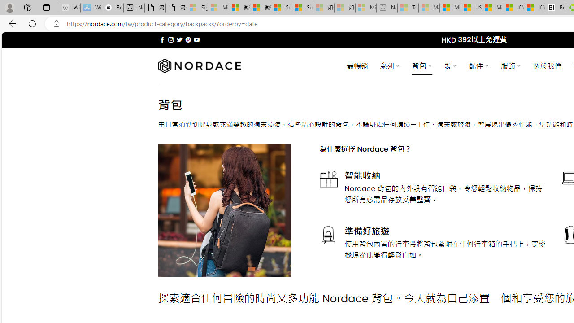  I want to click on 'Microsoft Services Agreement - Sleeping', so click(218, 8).